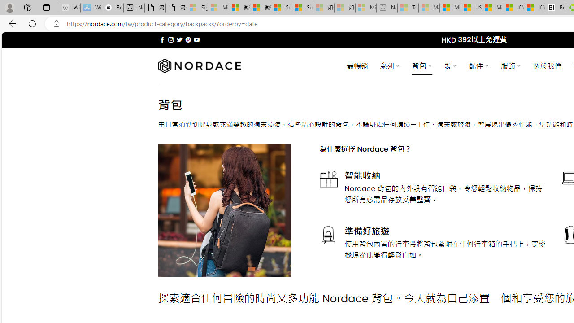  I want to click on 'Microsoft Services Agreement - Sleeping', so click(218, 8).